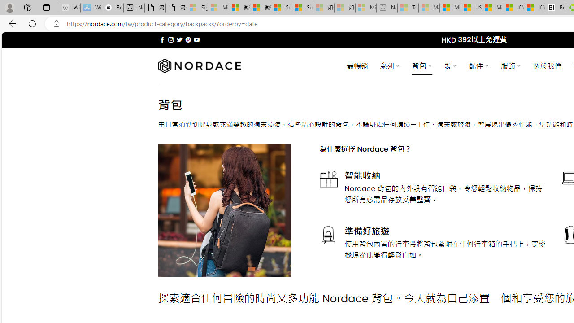  I want to click on 'Microsoft Services Agreement - Sleeping', so click(218, 8).